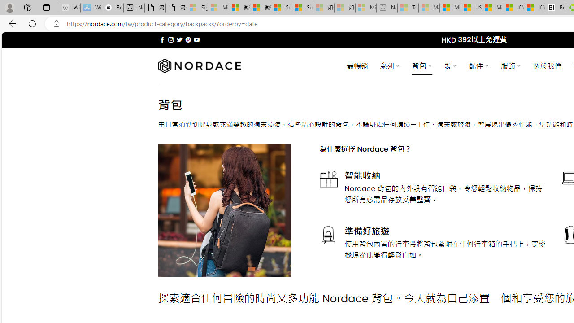  I want to click on 'Microsoft Services Agreement - Sleeping', so click(218, 8).